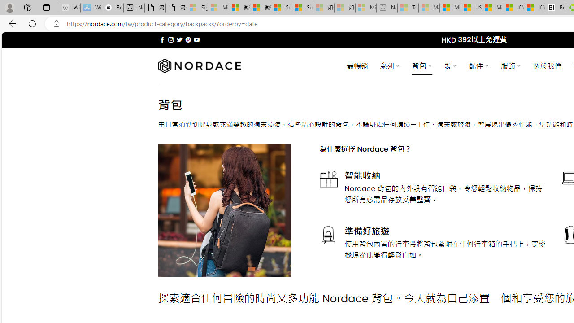  I want to click on 'Microsoft Services Agreement - Sleeping', so click(218, 8).